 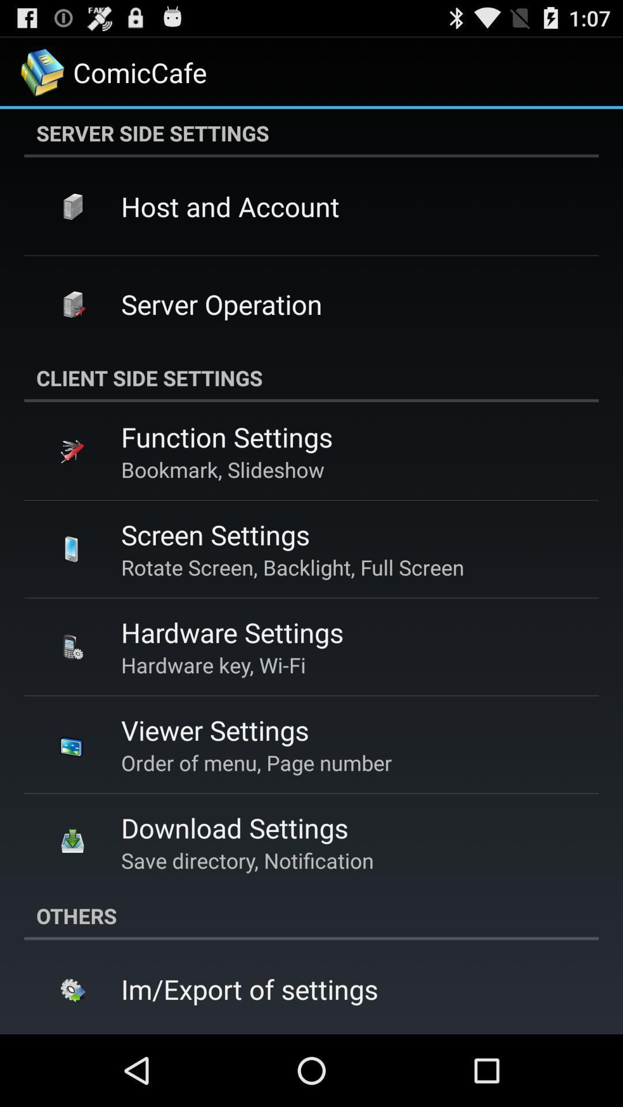 What do you see at coordinates (232, 631) in the screenshot?
I see `the icon below rotate screen backlight item` at bounding box center [232, 631].